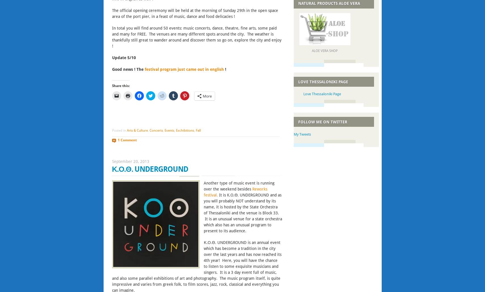 The width and height of the screenshot is (485, 292). What do you see at coordinates (111, 57) in the screenshot?
I see `'Update 5/10'` at bounding box center [111, 57].